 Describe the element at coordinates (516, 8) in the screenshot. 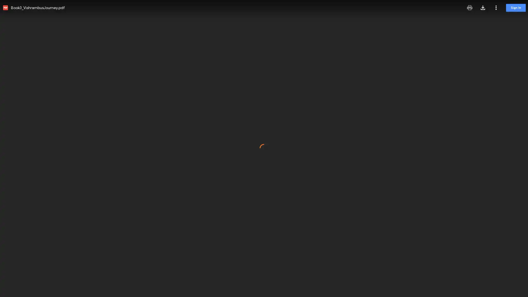

I see `Sign In` at that location.